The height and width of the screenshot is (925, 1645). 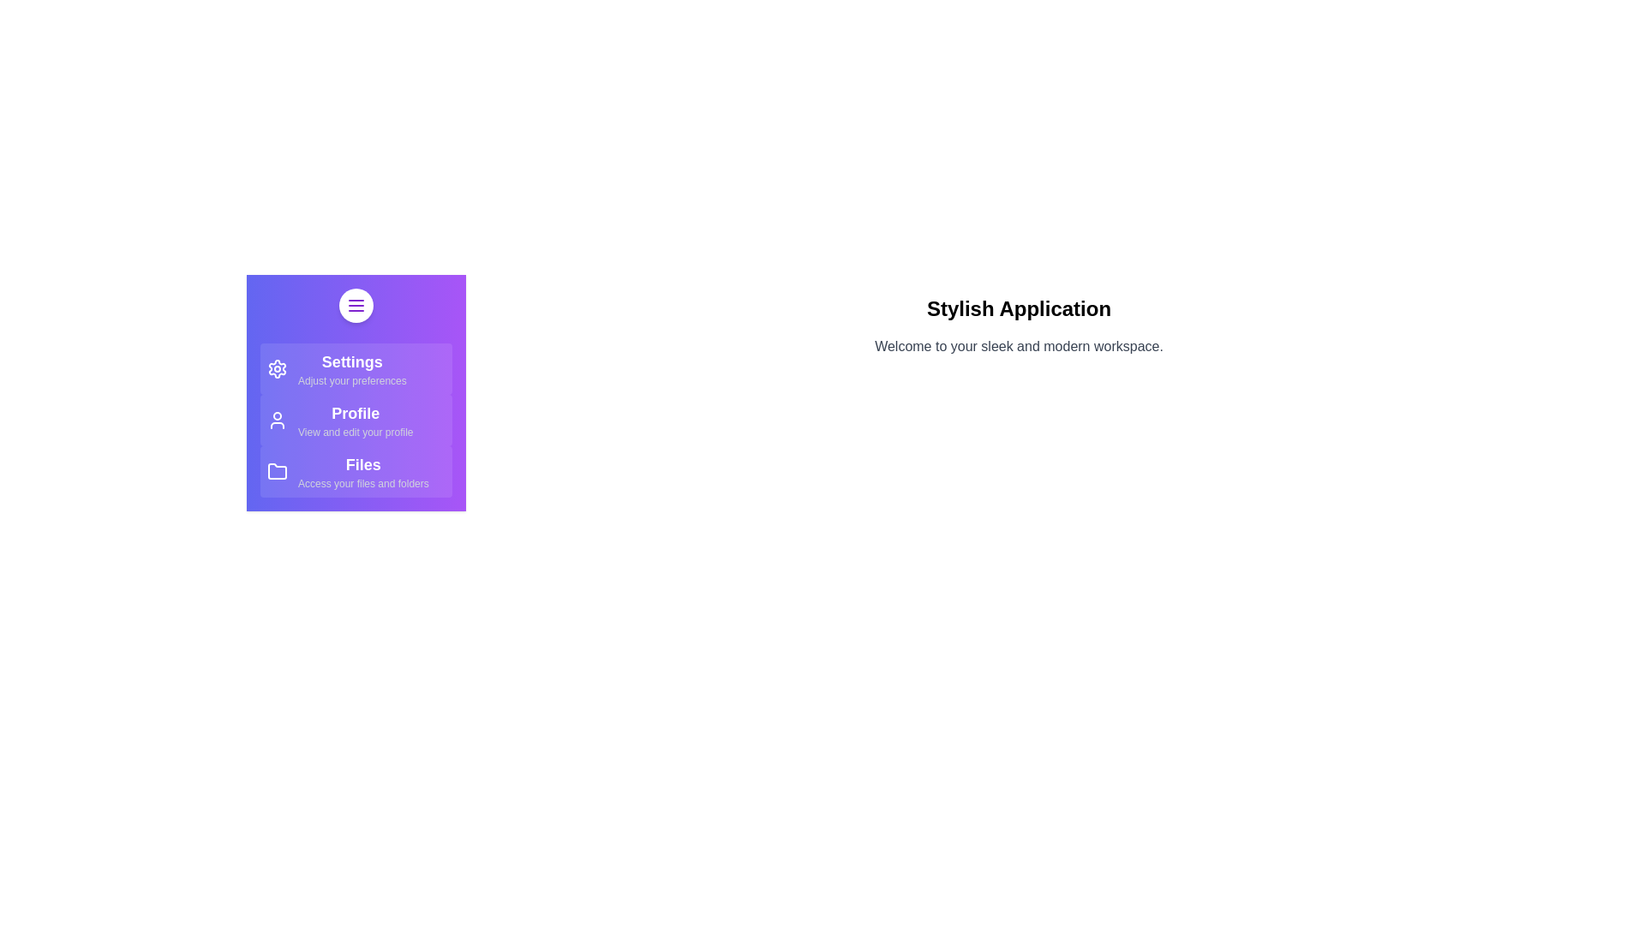 What do you see at coordinates (356, 472) in the screenshot?
I see `the menu item Files to see its hover effect` at bounding box center [356, 472].